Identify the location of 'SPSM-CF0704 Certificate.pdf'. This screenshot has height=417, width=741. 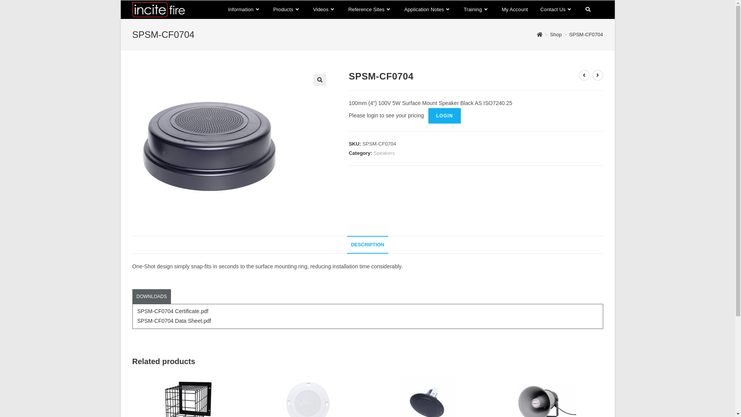
(172, 311).